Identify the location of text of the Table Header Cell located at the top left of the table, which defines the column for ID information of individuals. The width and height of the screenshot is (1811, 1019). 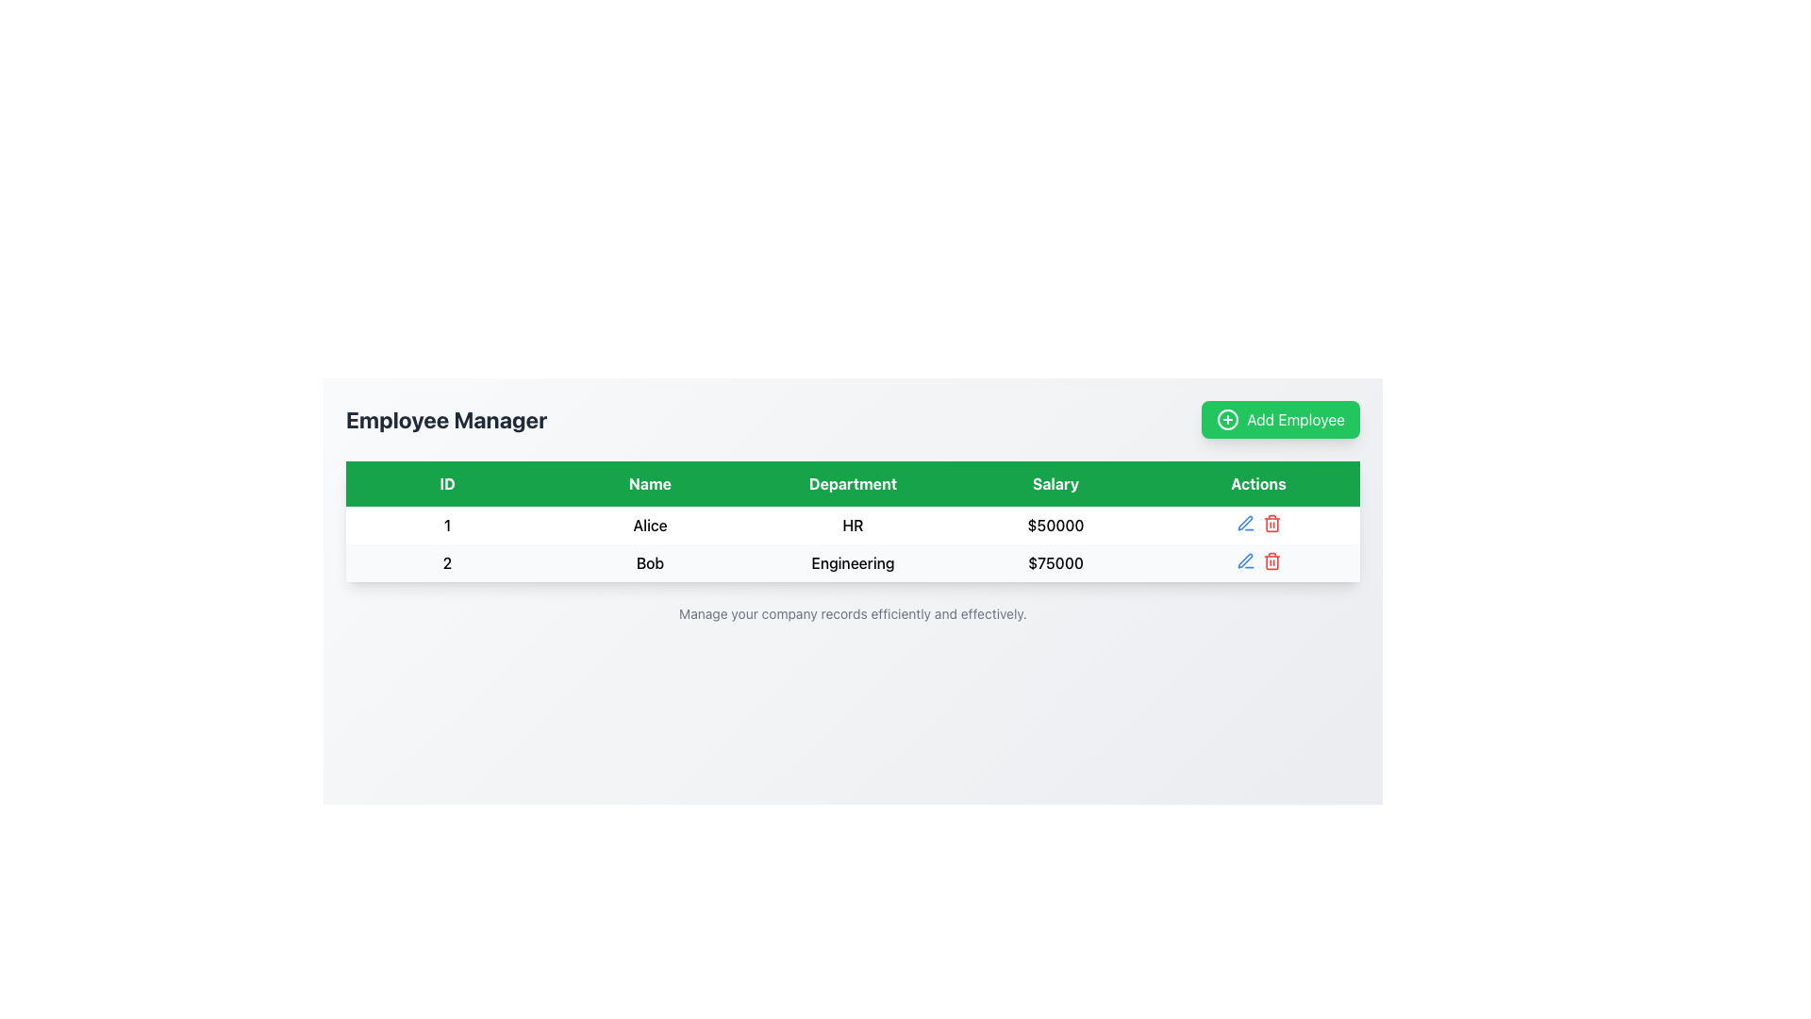
(446, 483).